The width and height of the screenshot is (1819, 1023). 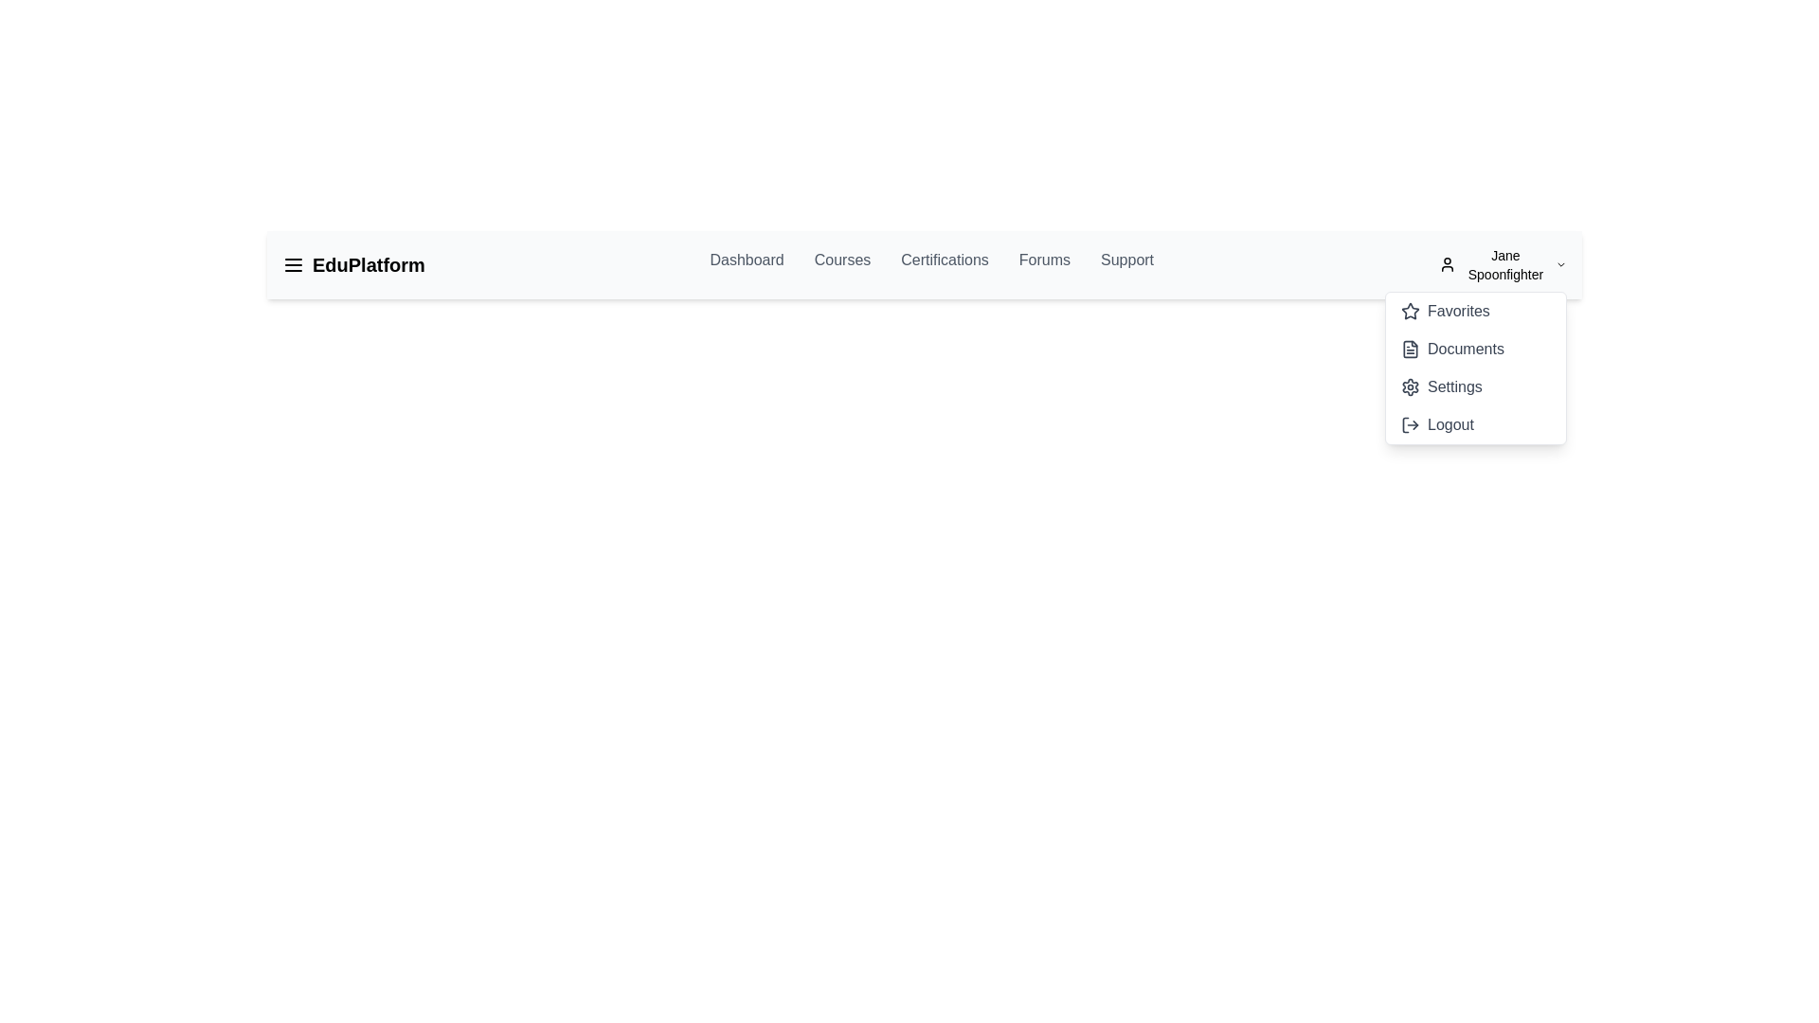 I want to click on the Hamburger Menu Icon, so click(x=293, y=265).